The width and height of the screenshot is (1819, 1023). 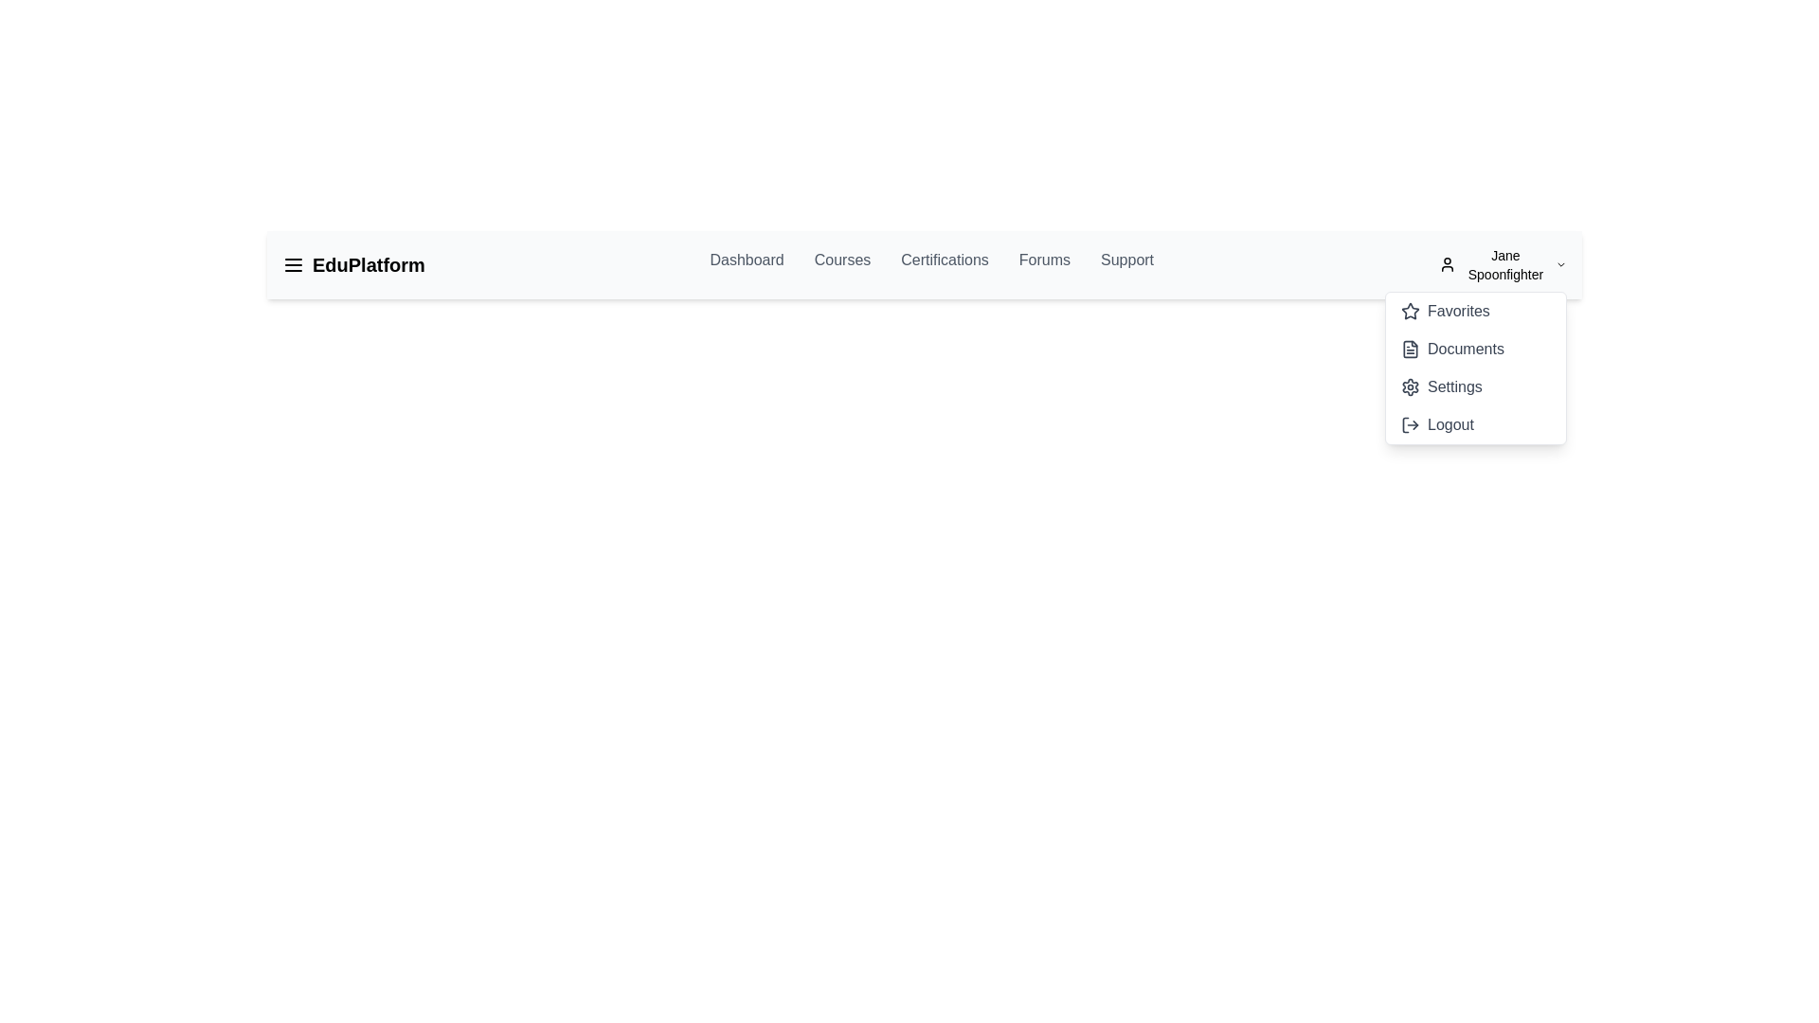 I want to click on the Hamburger Menu Icon, so click(x=293, y=265).